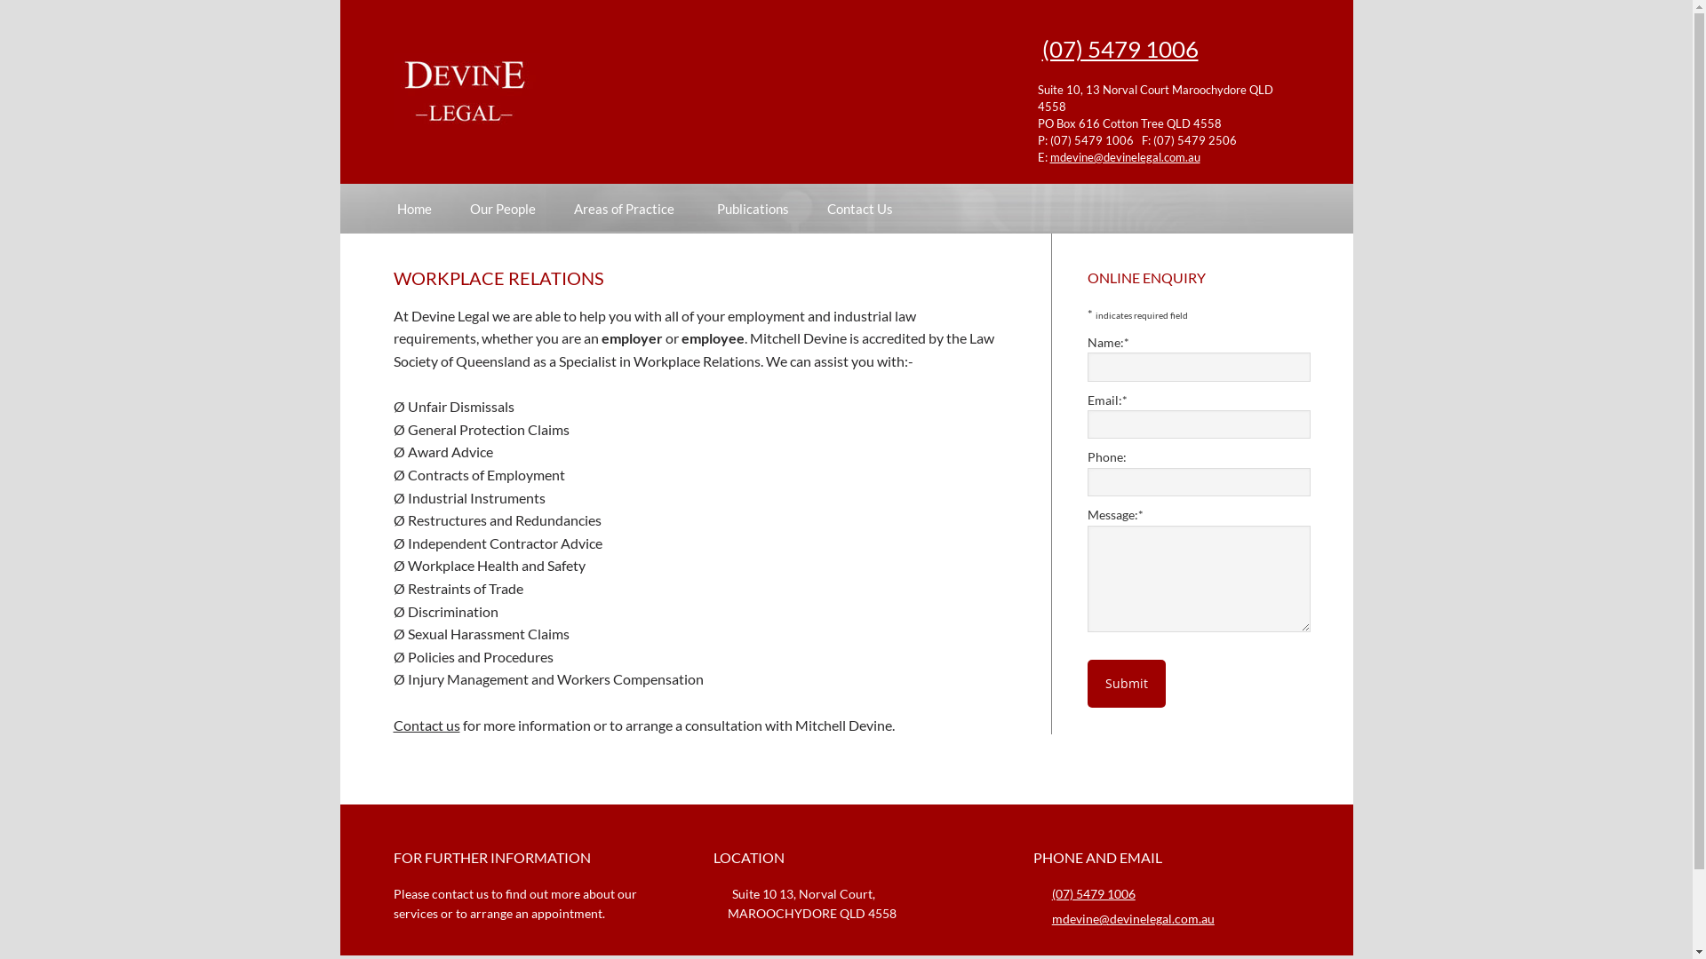 The height and width of the screenshot is (959, 1706). I want to click on 'mdevine@devinelegal.com.au', so click(1049, 155).